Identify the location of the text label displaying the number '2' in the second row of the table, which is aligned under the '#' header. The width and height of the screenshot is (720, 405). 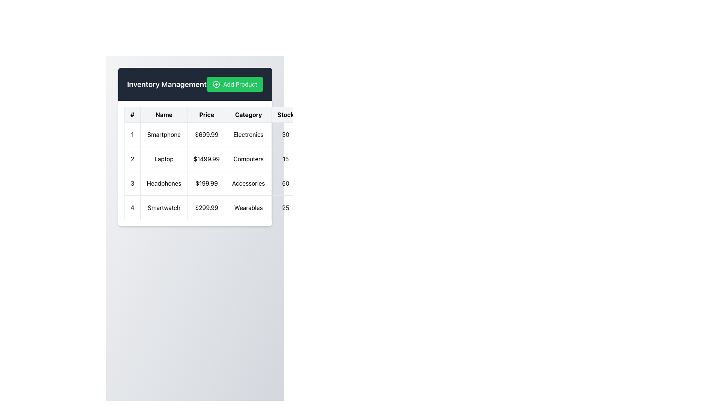
(132, 159).